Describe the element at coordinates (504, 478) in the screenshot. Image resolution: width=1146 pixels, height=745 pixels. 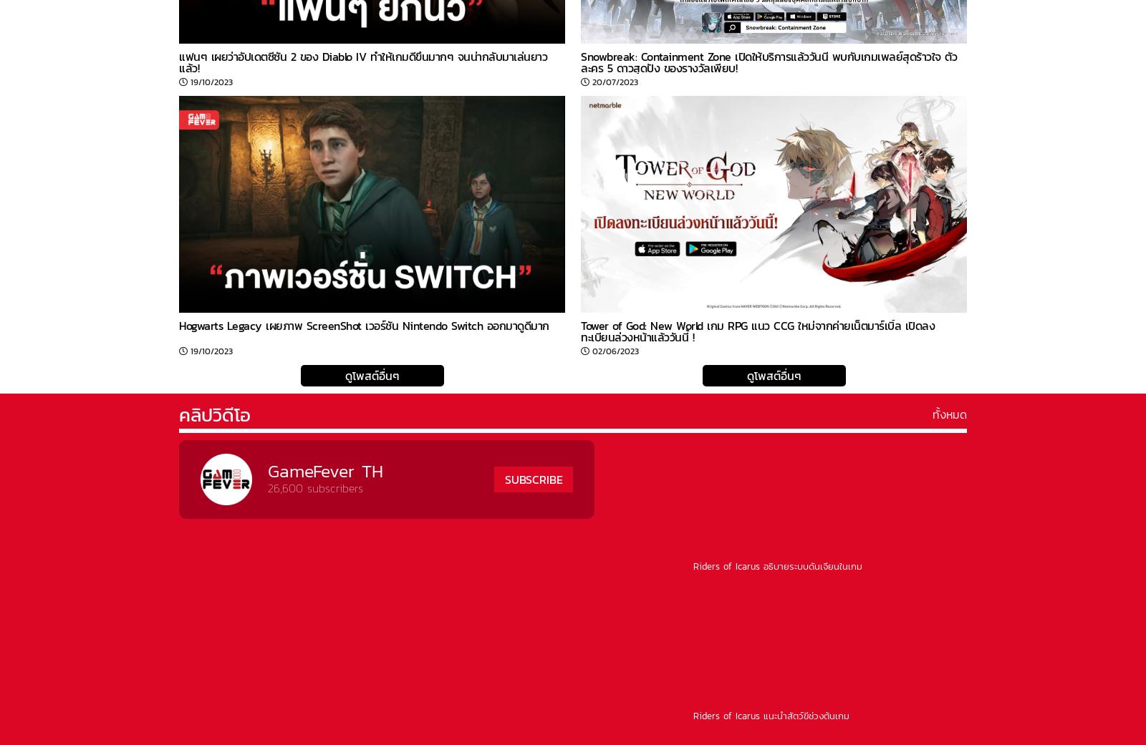
I see `'SUBSCRIBE'` at that location.